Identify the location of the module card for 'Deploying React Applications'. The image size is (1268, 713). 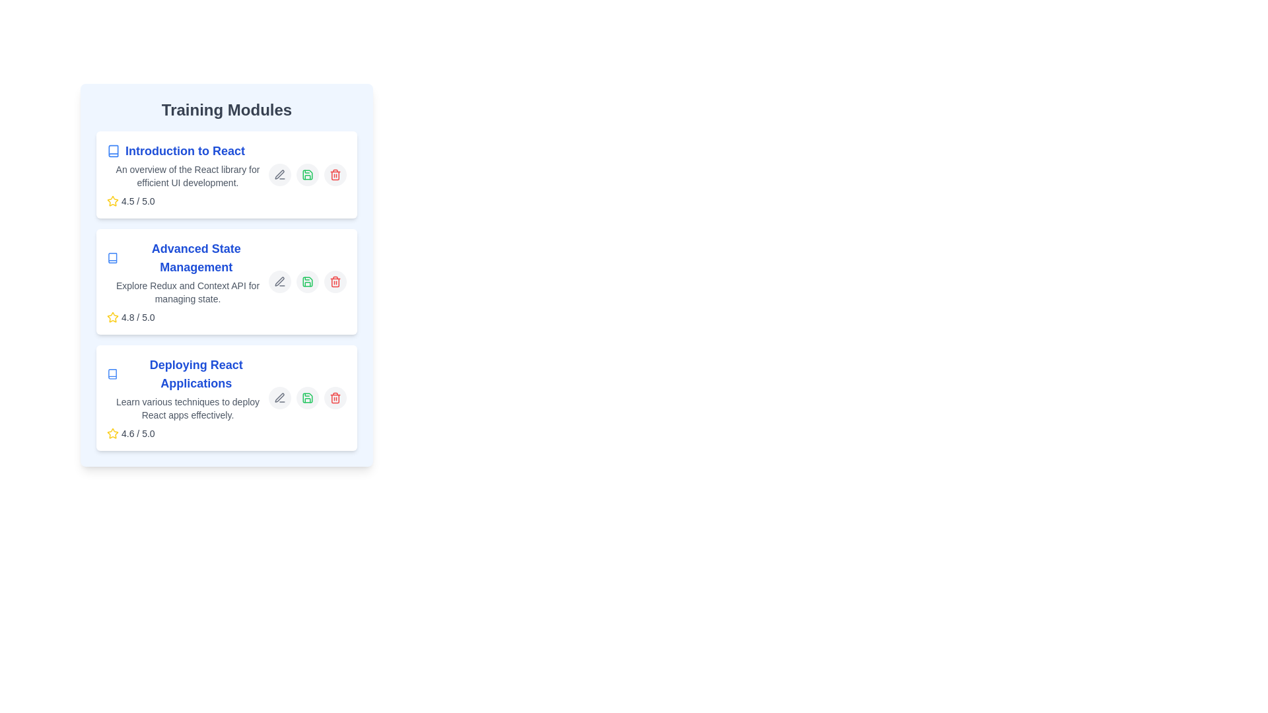
(187, 397).